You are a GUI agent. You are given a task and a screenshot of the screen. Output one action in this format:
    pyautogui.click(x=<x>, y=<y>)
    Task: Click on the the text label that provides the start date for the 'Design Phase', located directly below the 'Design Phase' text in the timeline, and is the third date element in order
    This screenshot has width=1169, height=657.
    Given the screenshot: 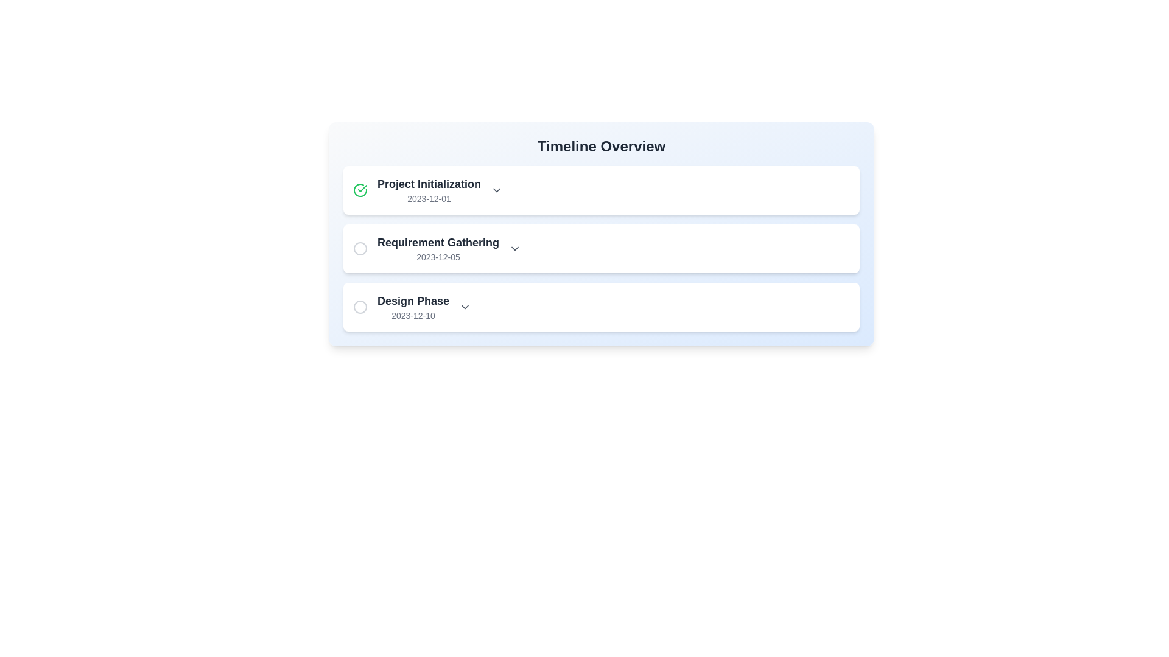 What is the action you would take?
    pyautogui.click(x=413, y=315)
    